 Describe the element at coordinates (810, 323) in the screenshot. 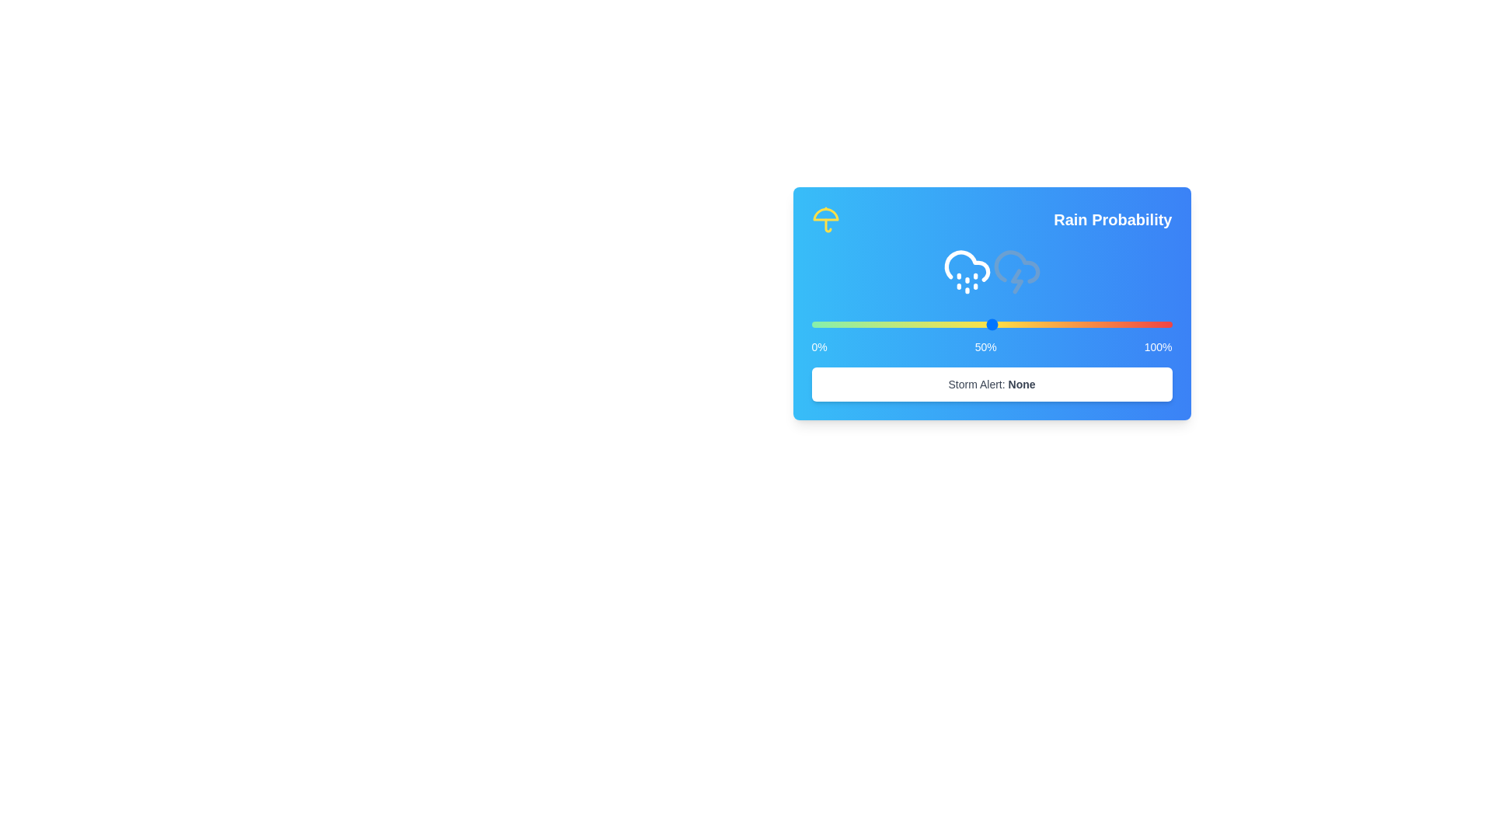

I see `the slider to set the rain probability to 23%` at that location.